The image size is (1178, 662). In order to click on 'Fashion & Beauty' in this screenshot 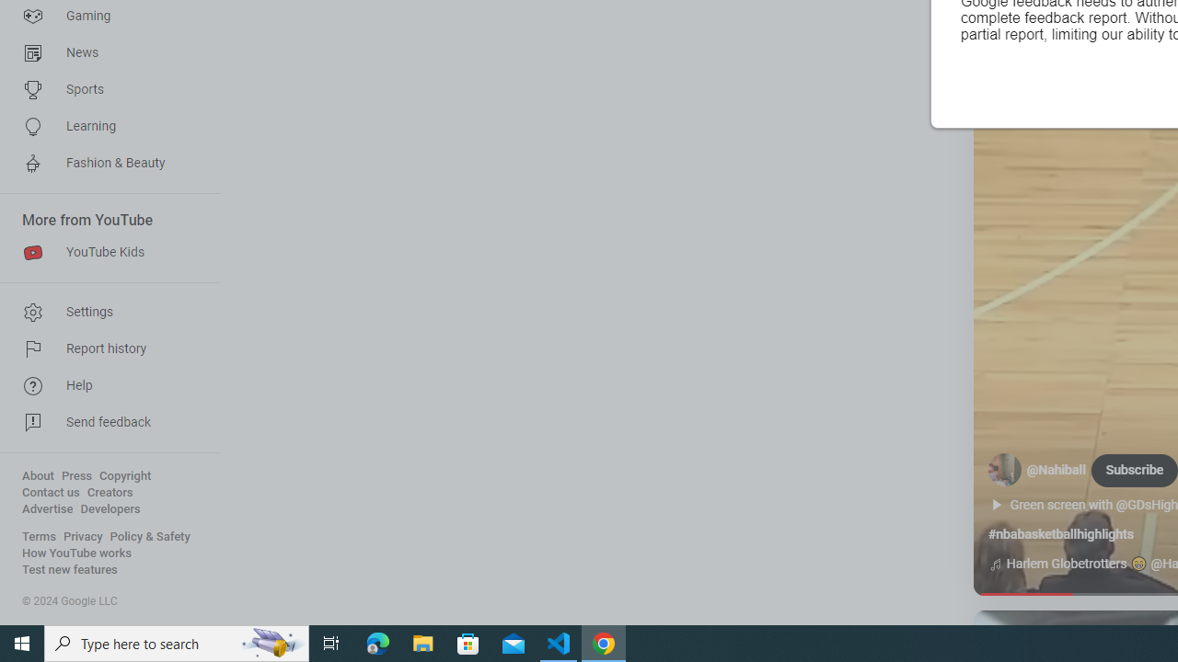, I will do `click(103, 162)`.